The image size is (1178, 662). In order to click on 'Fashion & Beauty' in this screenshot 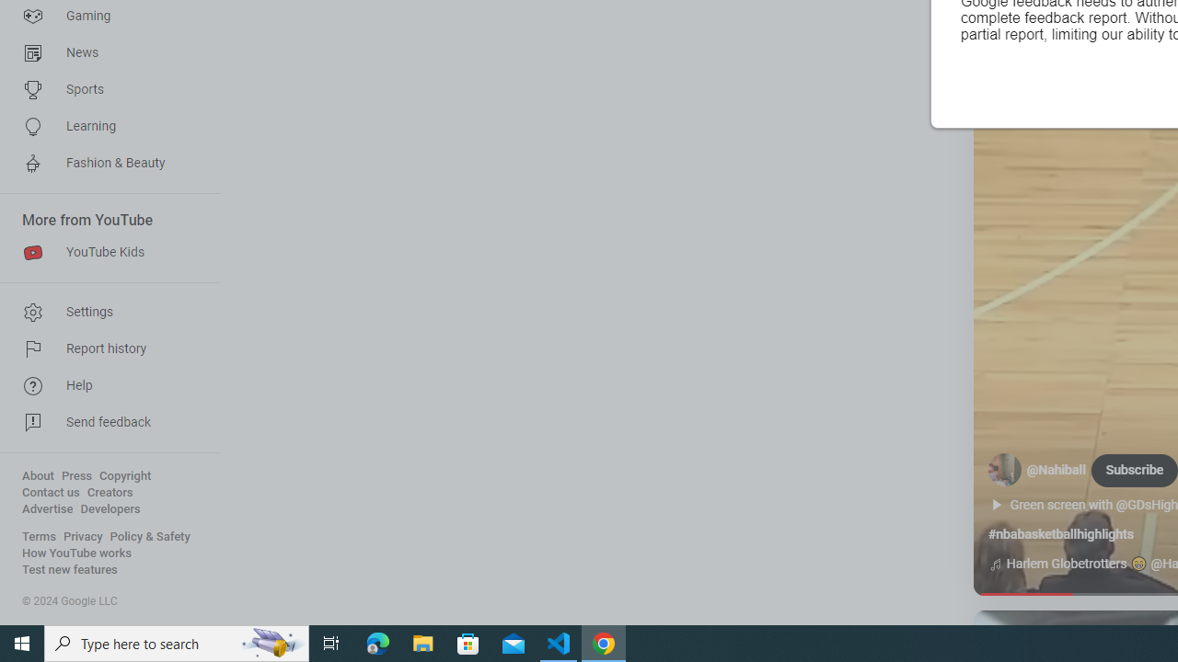, I will do `click(103, 162)`.